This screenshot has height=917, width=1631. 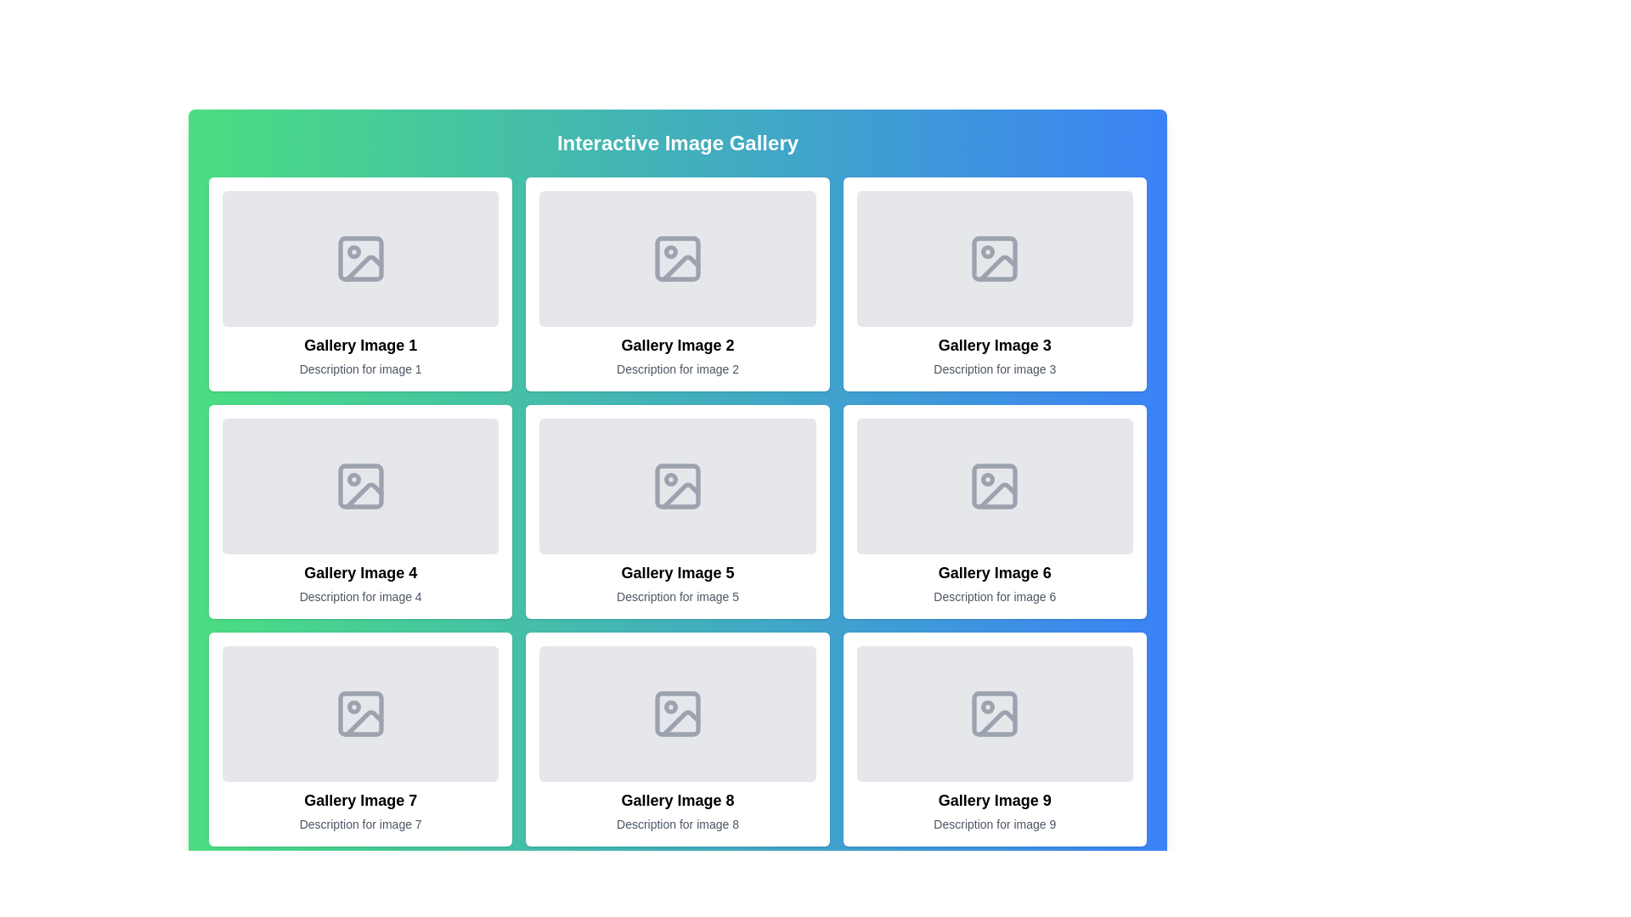 What do you see at coordinates (995, 800) in the screenshot?
I see `text label 'Gallery Image 9', which is styled with a bold font and medium size, located in the bottom-right corner of the grid layout, above the description text of the ninth gallery card` at bounding box center [995, 800].